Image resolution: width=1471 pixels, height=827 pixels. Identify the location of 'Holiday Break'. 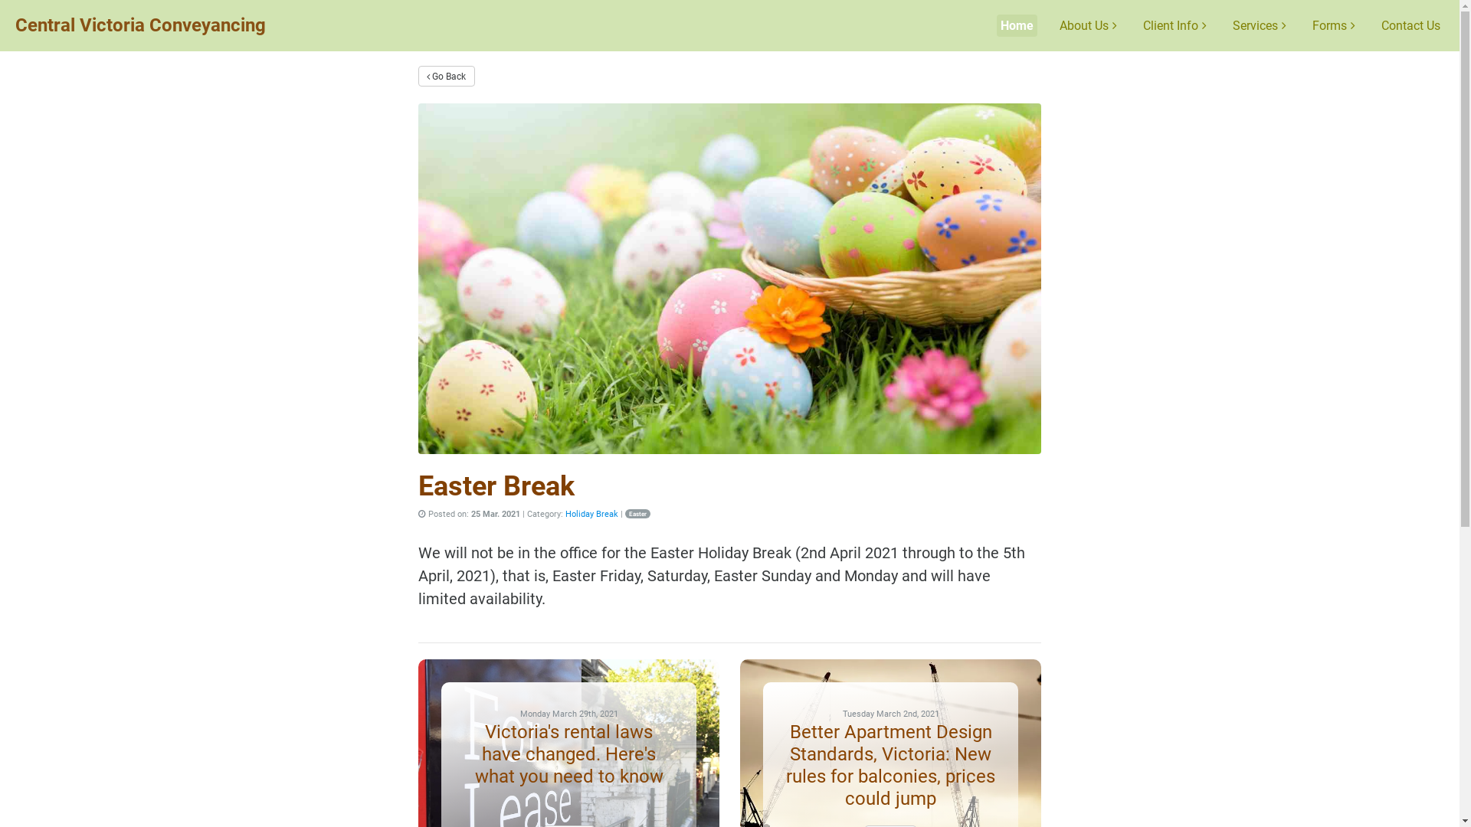
(591, 514).